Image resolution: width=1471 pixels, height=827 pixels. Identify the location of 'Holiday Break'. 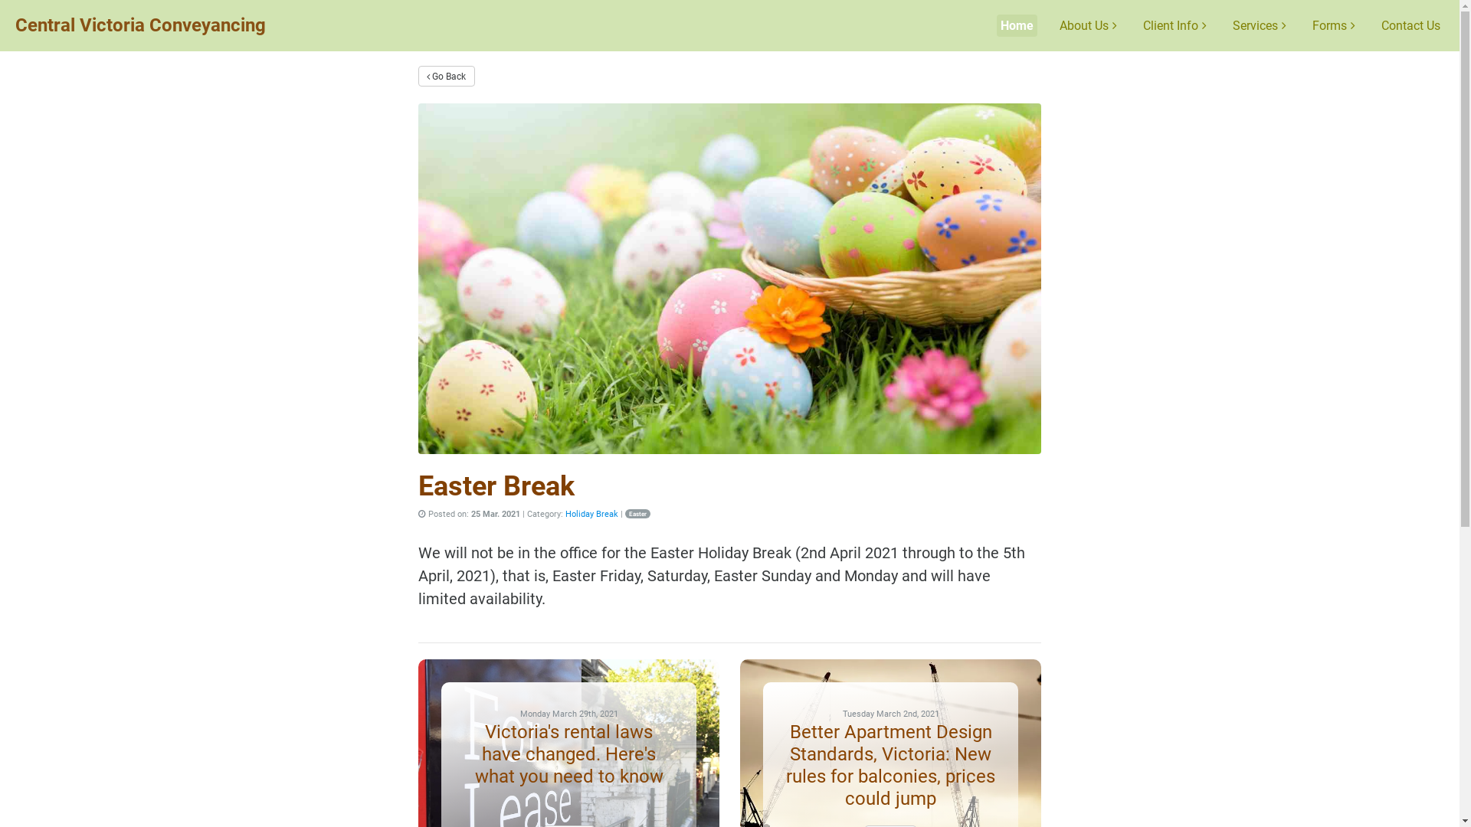
(591, 514).